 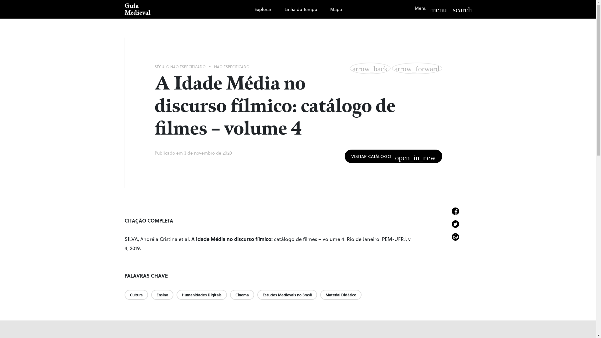 I want to click on 'Cinema', so click(x=229, y=294).